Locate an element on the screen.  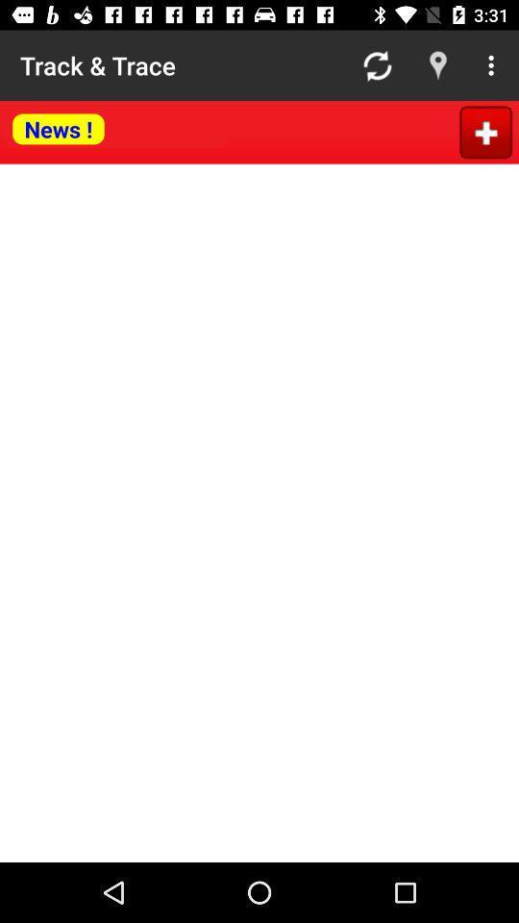
news article body is located at coordinates (259, 511).